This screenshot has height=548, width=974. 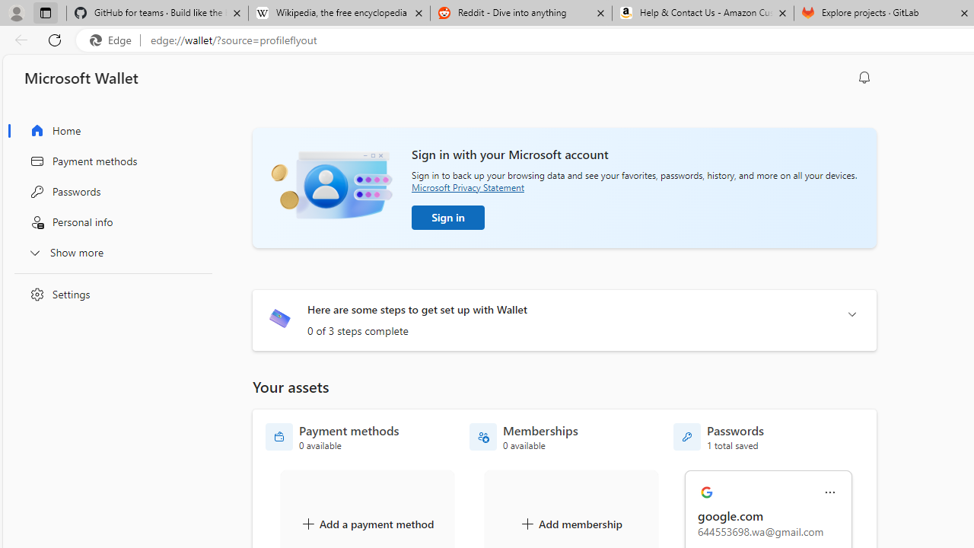 What do you see at coordinates (109, 251) in the screenshot?
I see `'Show more'` at bounding box center [109, 251].